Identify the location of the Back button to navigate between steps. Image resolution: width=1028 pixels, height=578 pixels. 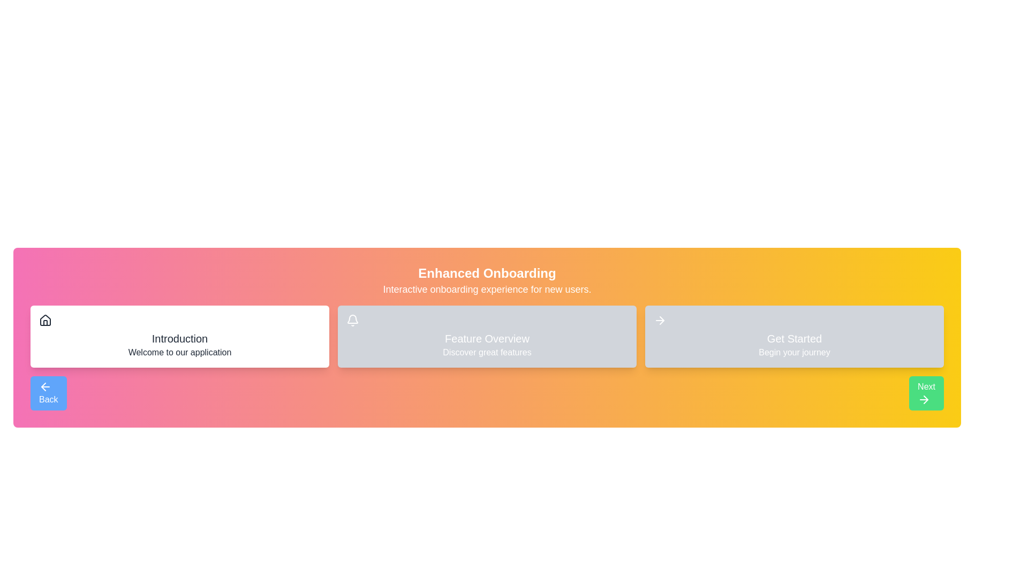
(48, 393).